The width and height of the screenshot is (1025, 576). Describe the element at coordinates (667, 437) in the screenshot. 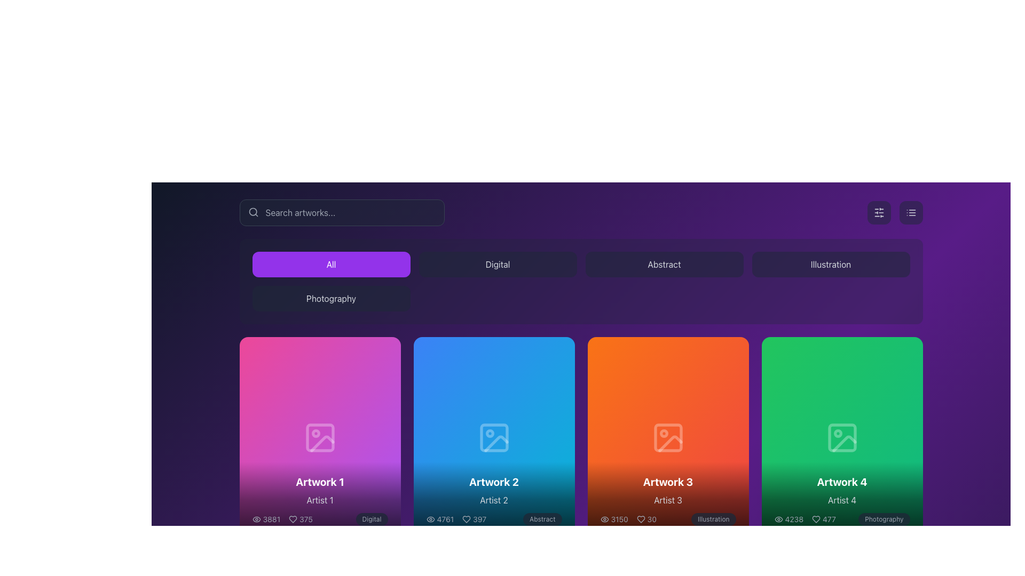

I see `the icon representing an illustration, which is located in the third card of four cards with an orange background` at that location.